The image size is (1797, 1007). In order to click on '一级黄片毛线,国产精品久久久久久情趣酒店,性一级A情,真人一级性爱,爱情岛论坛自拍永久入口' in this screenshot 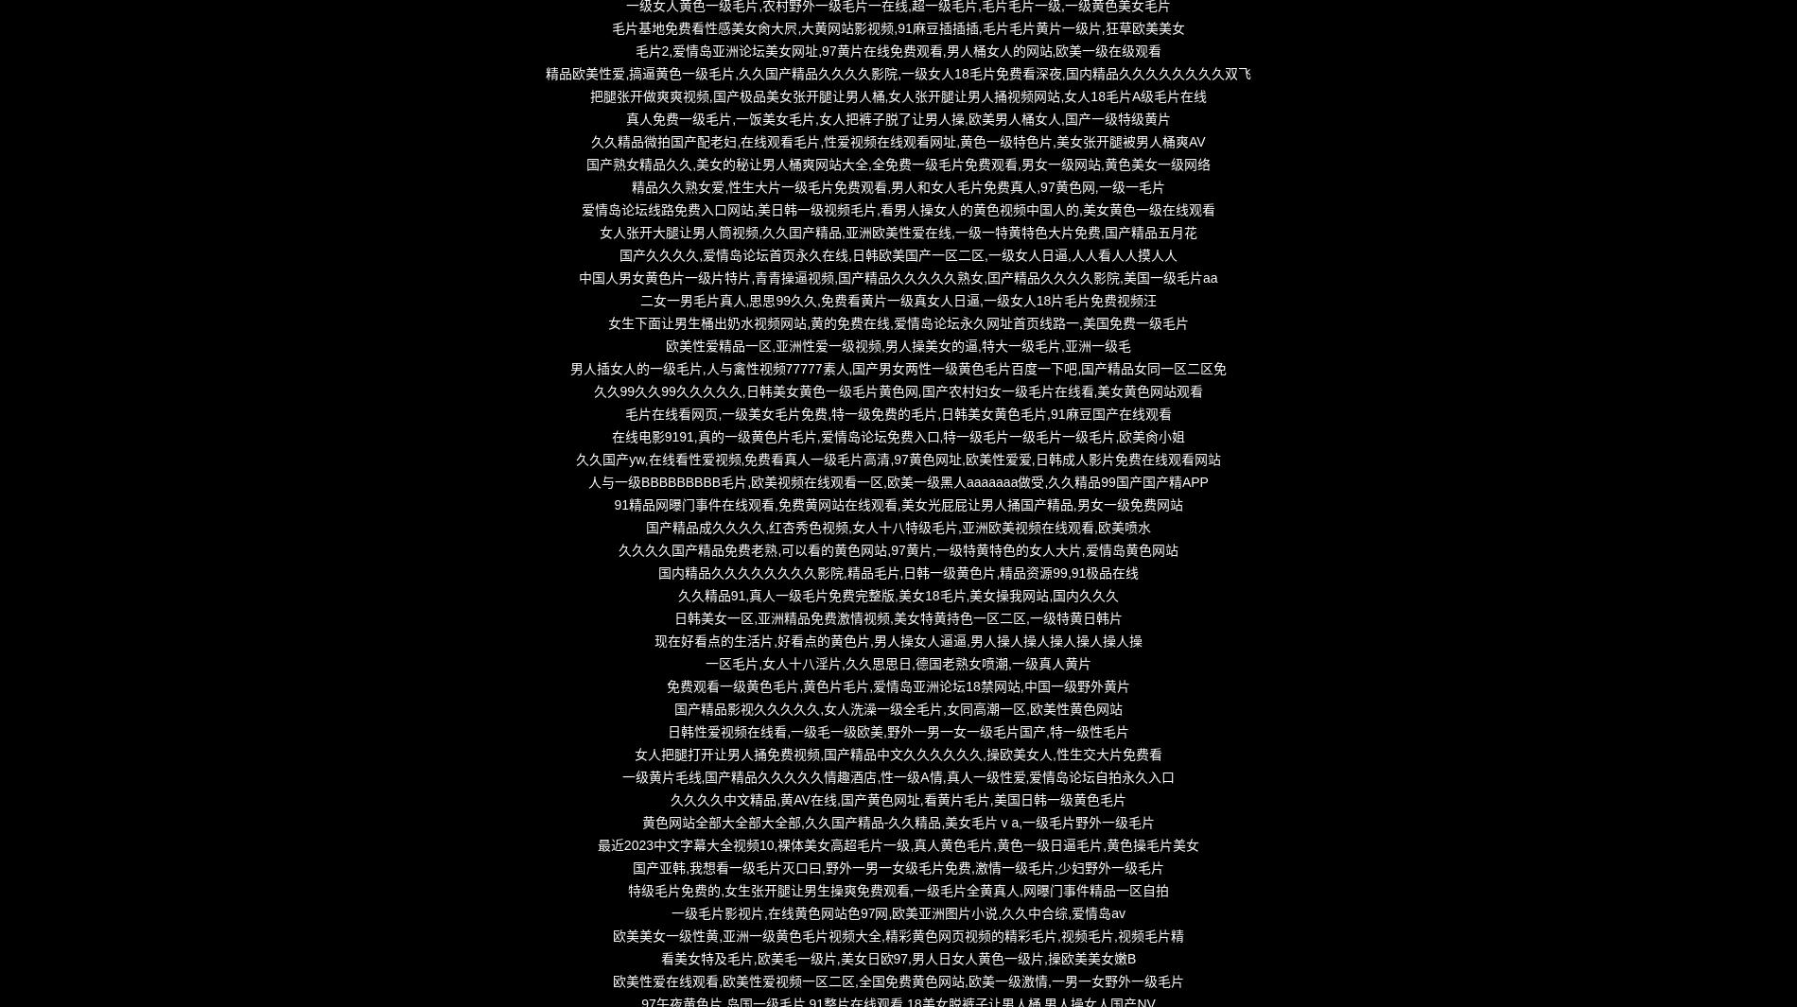, I will do `click(621, 776)`.